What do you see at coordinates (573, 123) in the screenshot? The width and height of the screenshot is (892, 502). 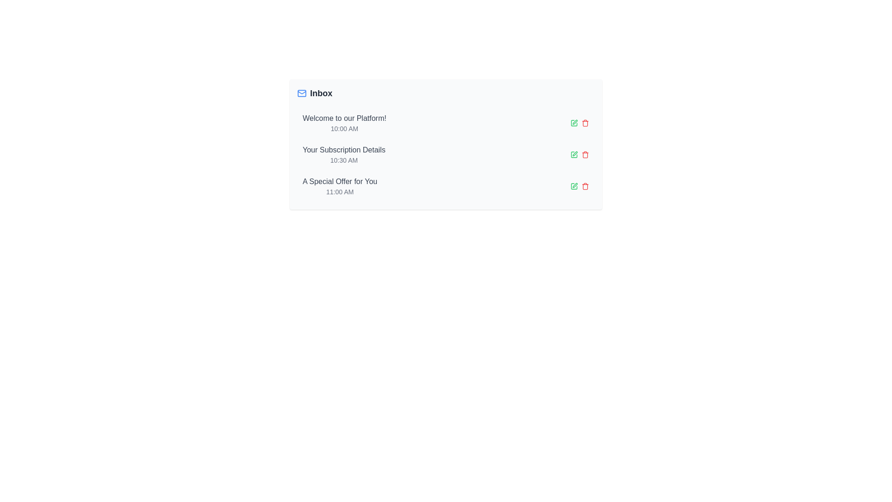 I see `the icon button located to the right of the text 'Welcome to our Platform!'` at bounding box center [573, 123].